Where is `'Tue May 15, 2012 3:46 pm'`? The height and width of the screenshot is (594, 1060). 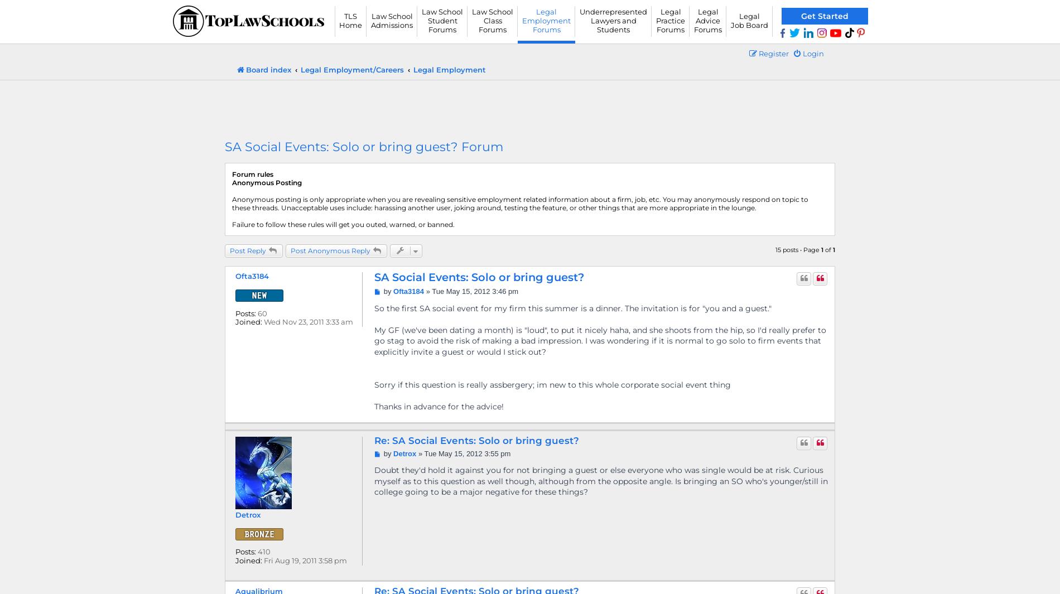
'Tue May 15, 2012 3:46 pm' is located at coordinates (474, 291).